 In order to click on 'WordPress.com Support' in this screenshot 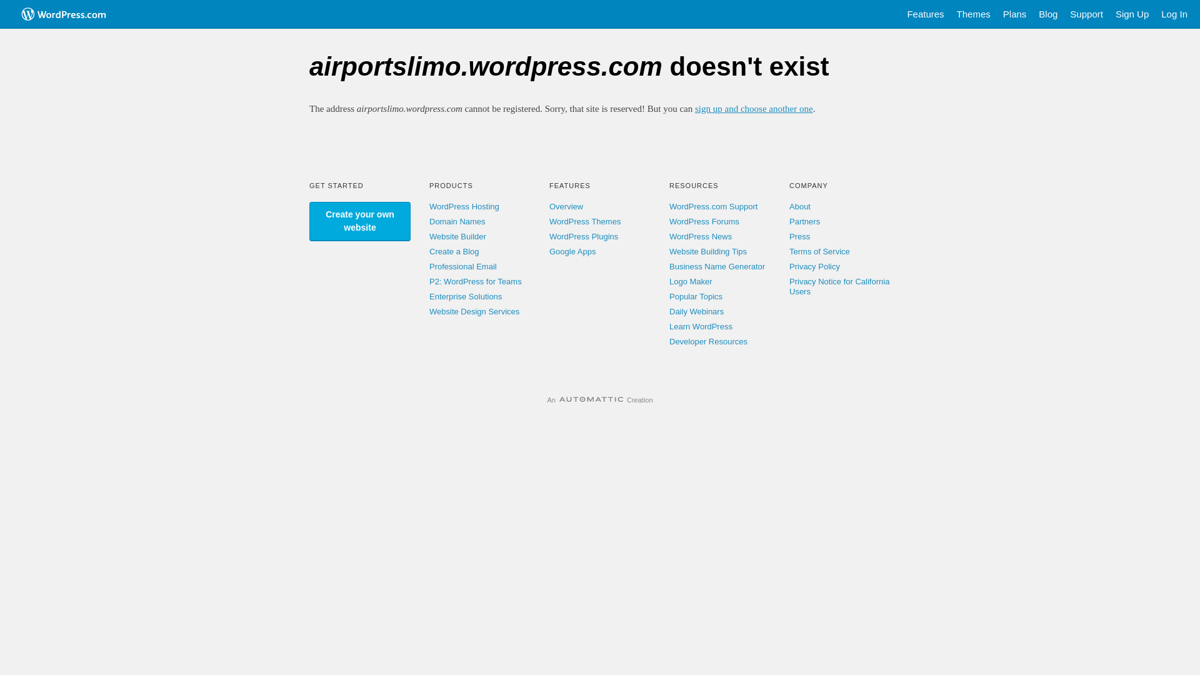, I will do `click(713, 206)`.